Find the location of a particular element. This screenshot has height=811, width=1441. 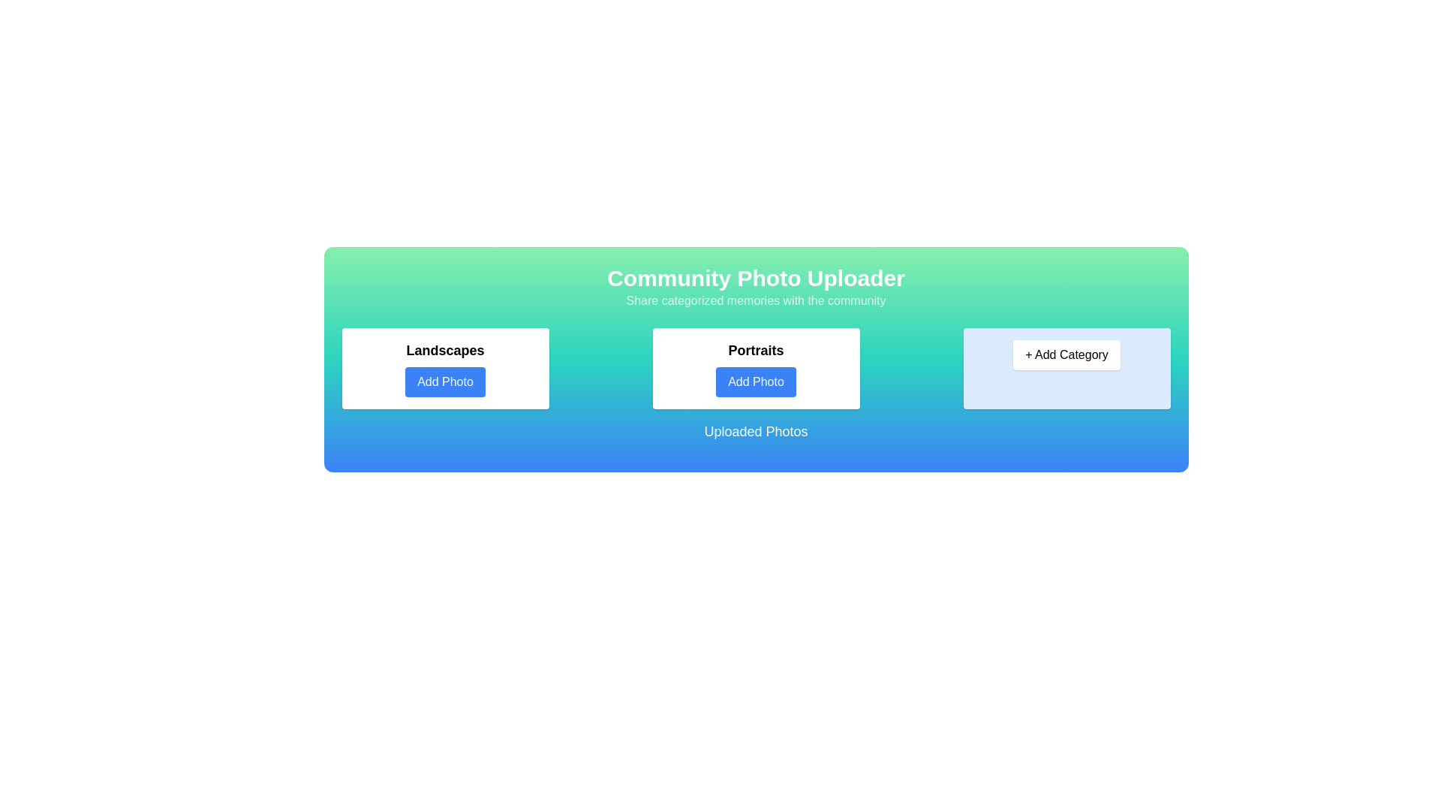

the non-interactive text label that describes the section for uploaded photos, located centered below the main content area is located at coordinates (756, 431).